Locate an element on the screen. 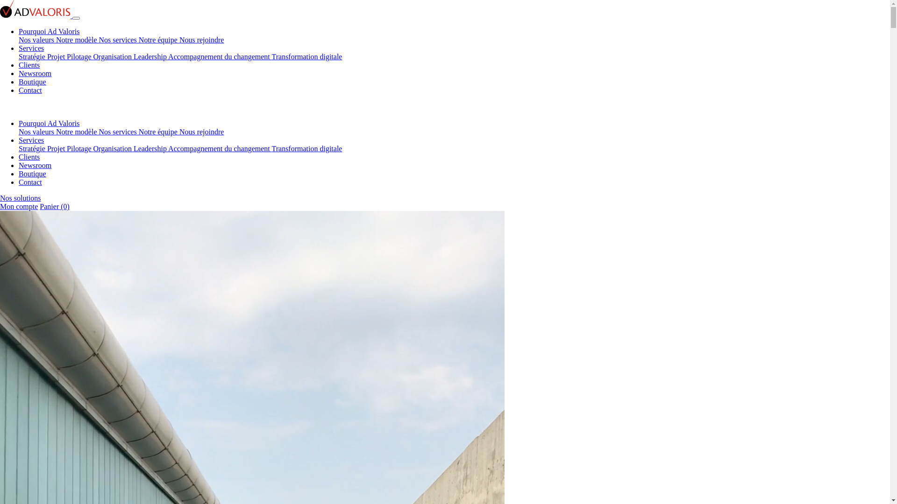 The height and width of the screenshot is (504, 897). 'Services' is located at coordinates (31, 140).